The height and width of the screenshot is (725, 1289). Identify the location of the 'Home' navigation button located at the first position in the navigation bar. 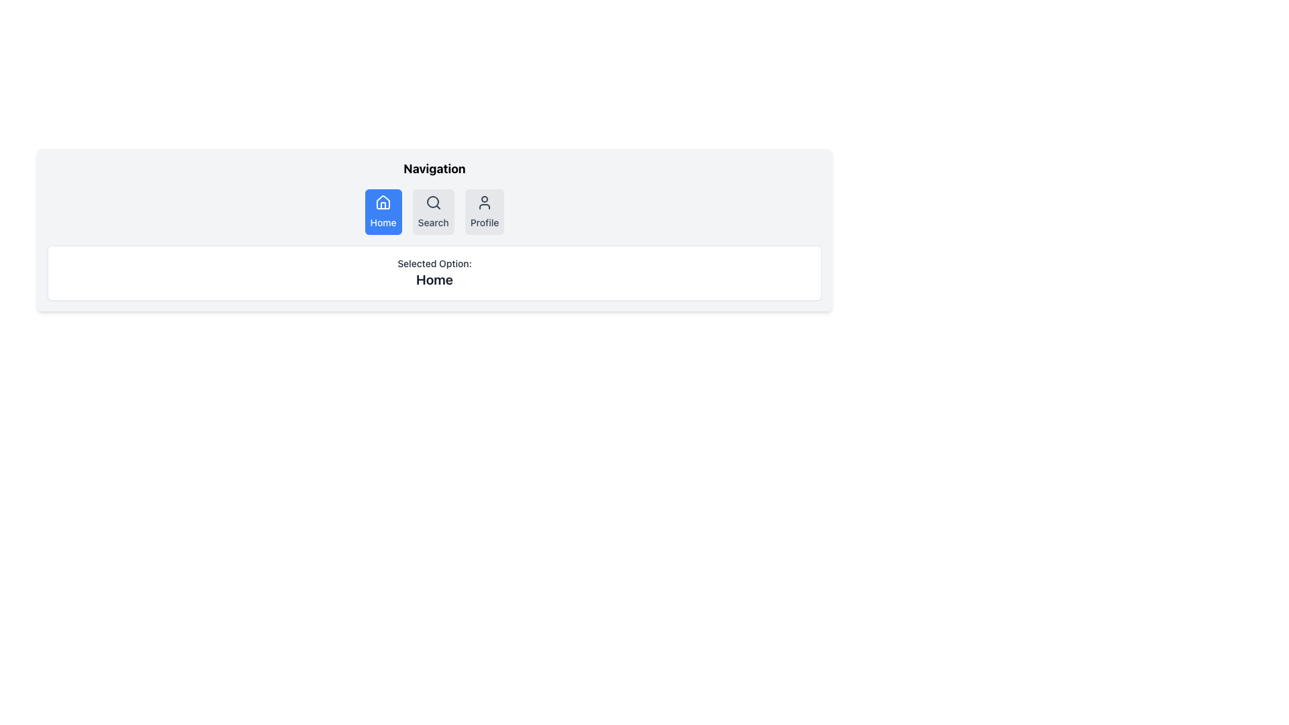
(383, 211).